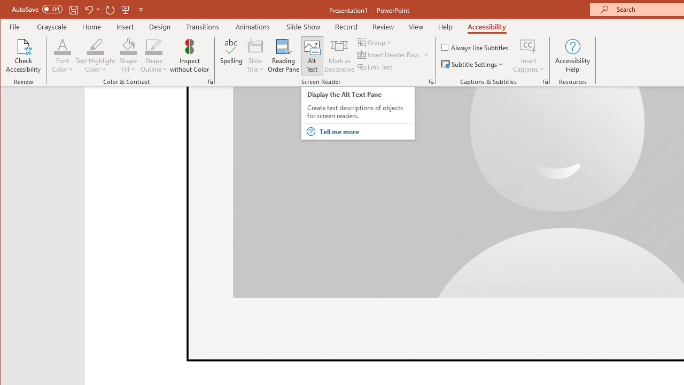 Image resolution: width=684 pixels, height=385 pixels. I want to click on 'Screen Reader', so click(431, 81).